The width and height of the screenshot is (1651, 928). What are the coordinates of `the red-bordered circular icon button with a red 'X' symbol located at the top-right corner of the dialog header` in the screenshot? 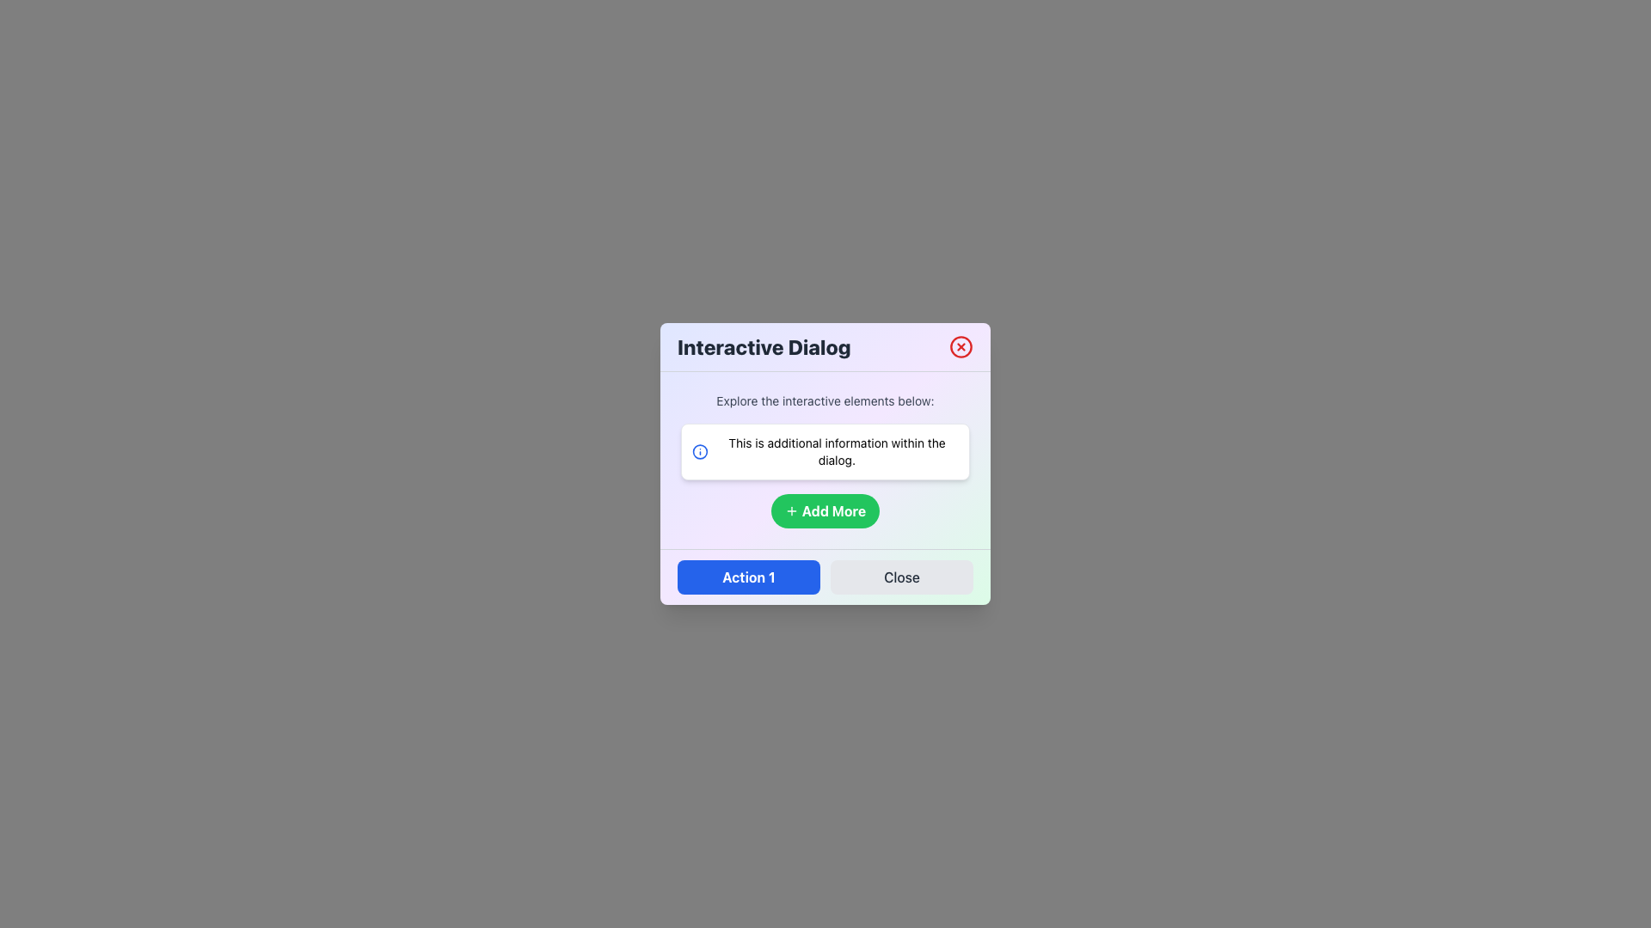 It's located at (961, 347).